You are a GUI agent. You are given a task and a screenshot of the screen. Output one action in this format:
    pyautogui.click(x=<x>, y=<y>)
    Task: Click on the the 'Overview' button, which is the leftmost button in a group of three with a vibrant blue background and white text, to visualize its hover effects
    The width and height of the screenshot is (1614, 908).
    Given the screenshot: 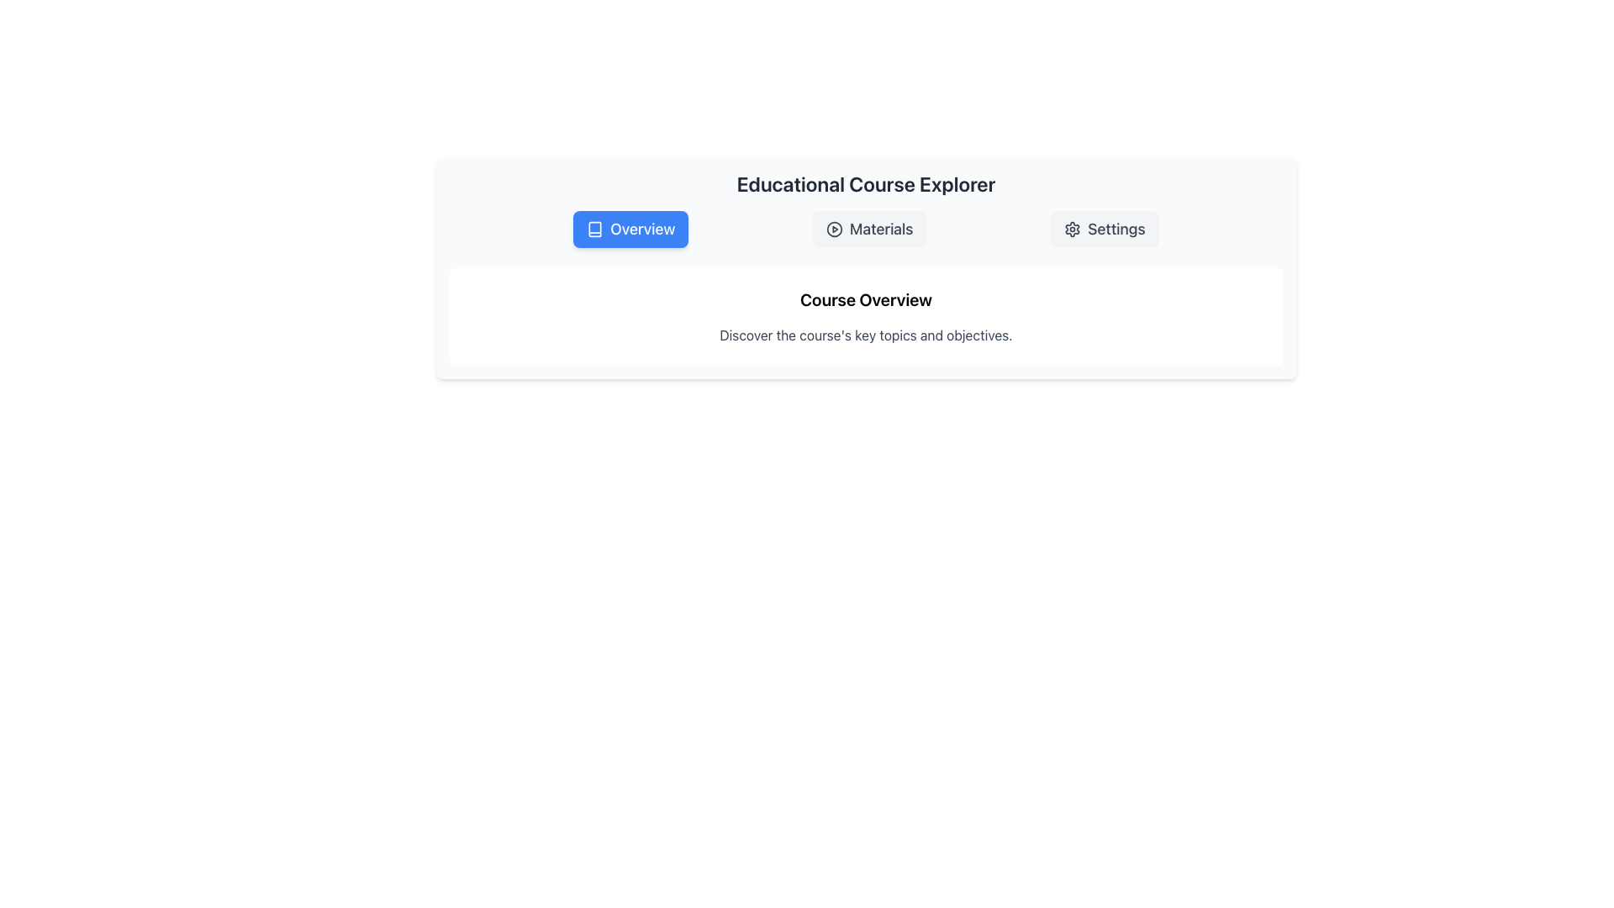 What is the action you would take?
    pyautogui.click(x=630, y=230)
    